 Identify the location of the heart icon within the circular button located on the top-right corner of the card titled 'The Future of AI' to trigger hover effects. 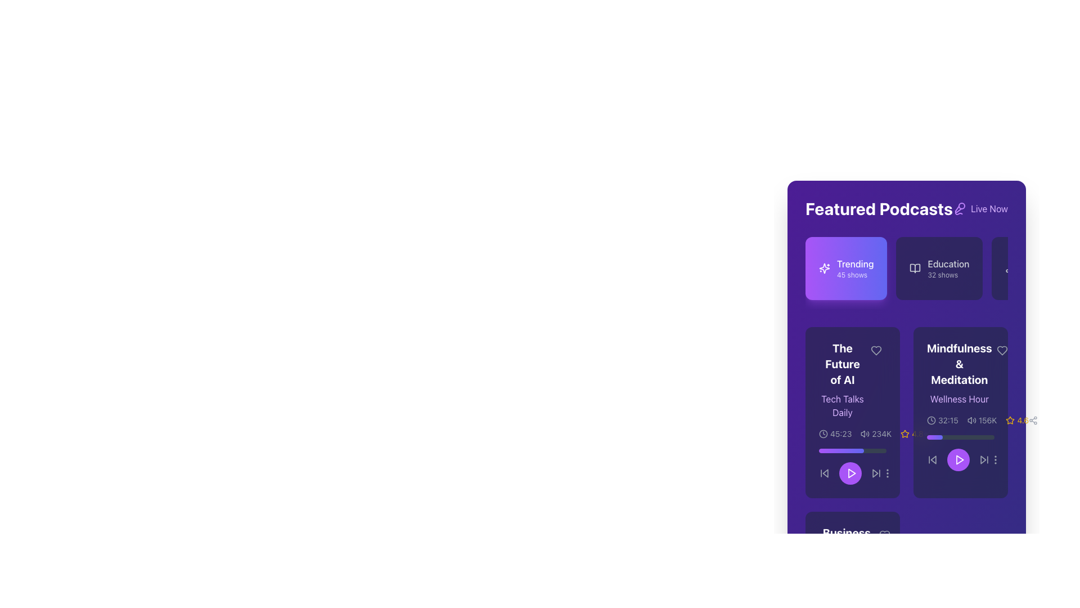
(876, 350).